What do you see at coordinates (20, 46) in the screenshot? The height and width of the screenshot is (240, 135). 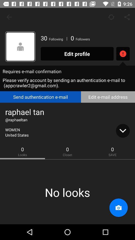 I see `una red intuitiva` at bounding box center [20, 46].